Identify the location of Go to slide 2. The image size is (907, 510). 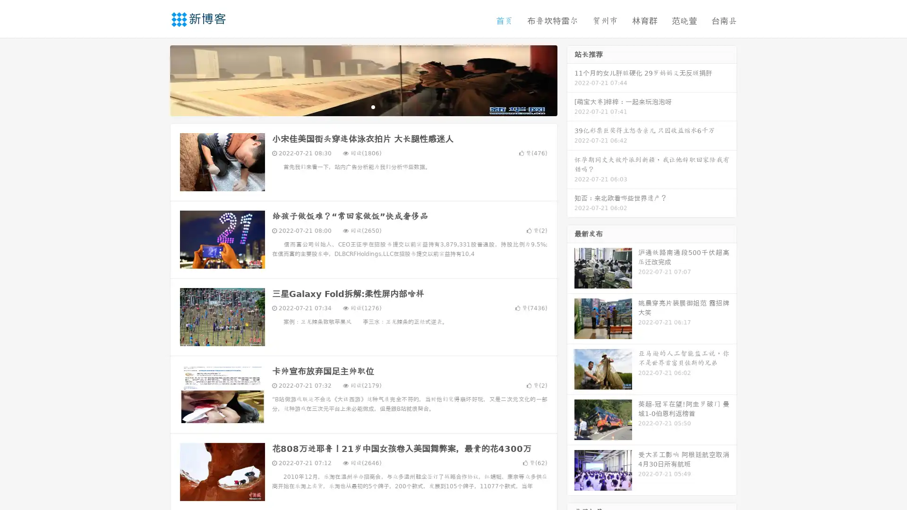
(363, 106).